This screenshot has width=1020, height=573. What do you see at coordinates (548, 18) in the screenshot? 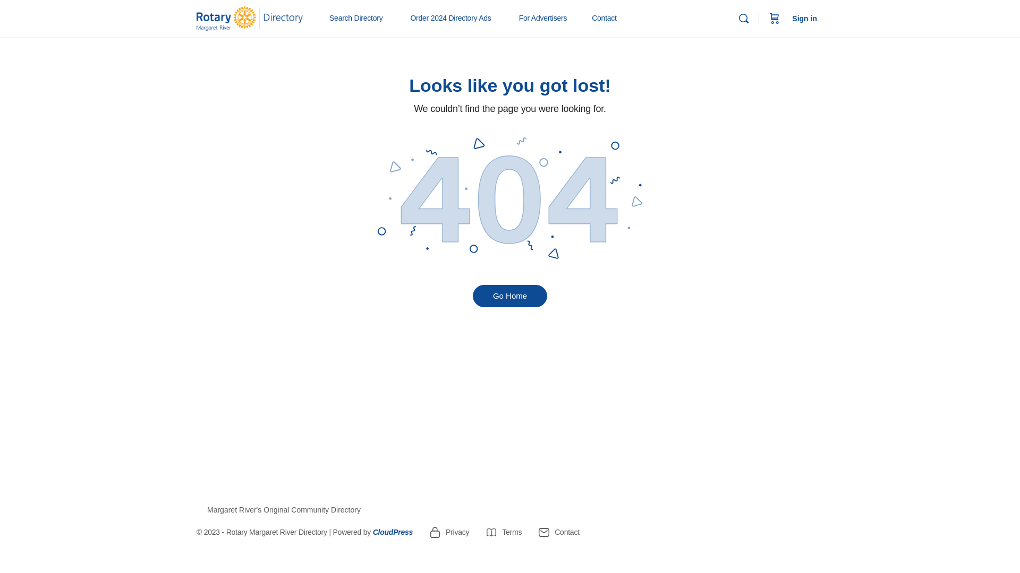
I see `'For Advertisers'` at bounding box center [548, 18].